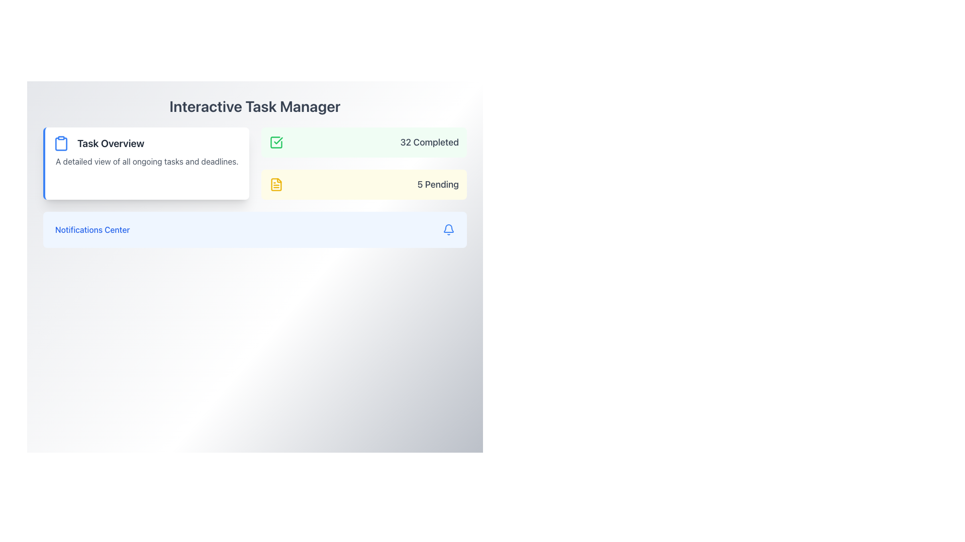 This screenshot has width=965, height=542. I want to click on the blue bell-shaped icon in the Notifications Center, so click(448, 228).